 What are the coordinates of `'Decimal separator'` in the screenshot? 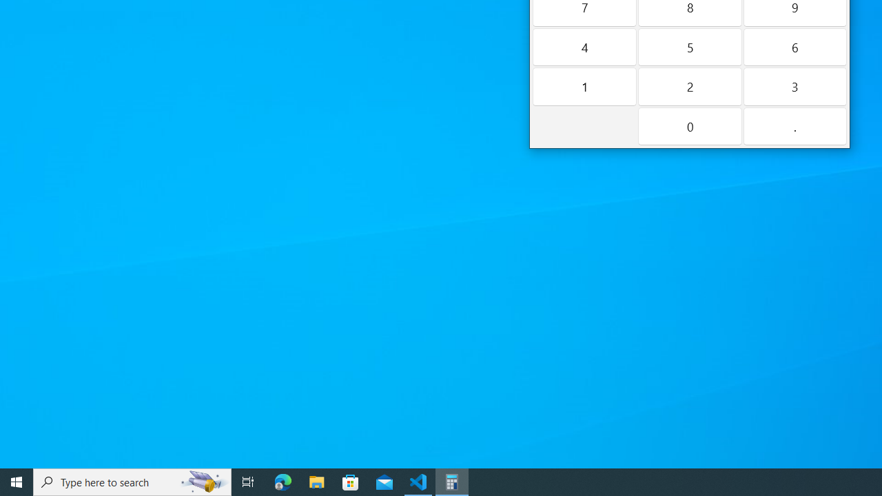 It's located at (794, 126).